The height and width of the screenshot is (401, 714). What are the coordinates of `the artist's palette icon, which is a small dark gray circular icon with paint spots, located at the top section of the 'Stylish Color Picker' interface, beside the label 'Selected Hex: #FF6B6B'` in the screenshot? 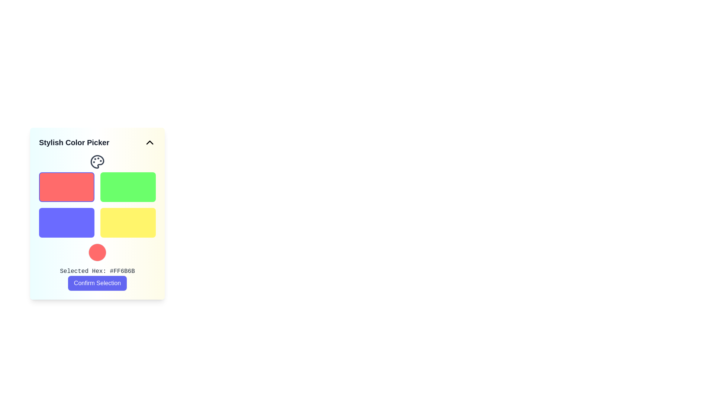 It's located at (97, 161).